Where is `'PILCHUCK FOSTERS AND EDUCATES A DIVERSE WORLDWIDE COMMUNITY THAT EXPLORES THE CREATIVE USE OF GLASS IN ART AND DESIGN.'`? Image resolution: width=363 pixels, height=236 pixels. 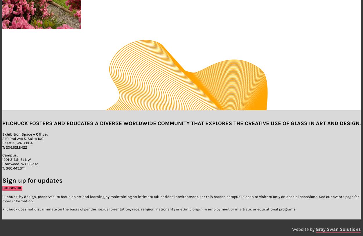 'PILCHUCK FOSTERS AND EDUCATES A DIVERSE WORLDWIDE COMMUNITY THAT EXPLORES THE CREATIVE USE OF GLASS IN ART AND DESIGN.' is located at coordinates (181, 123).